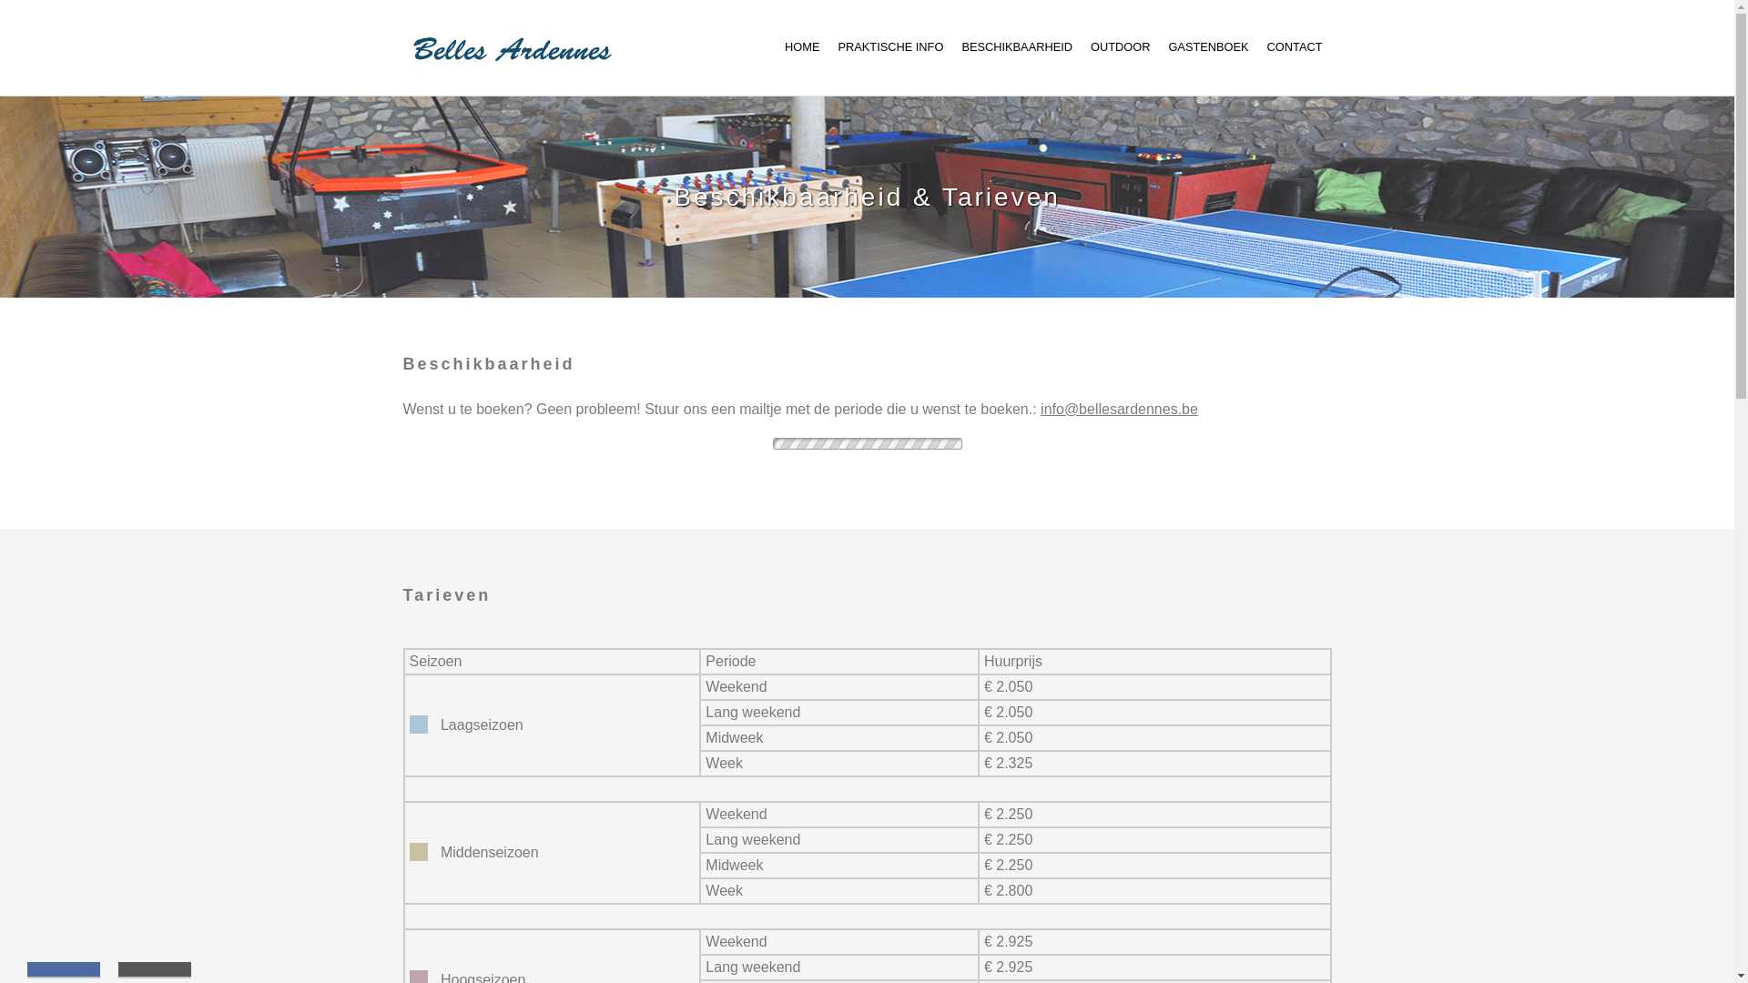 Image resolution: width=1748 pixels, height=983 pixels. Describe the element at coordinates (1118, 408) in the screenshot. I see `'info@bellesardennes.be'` at that location.